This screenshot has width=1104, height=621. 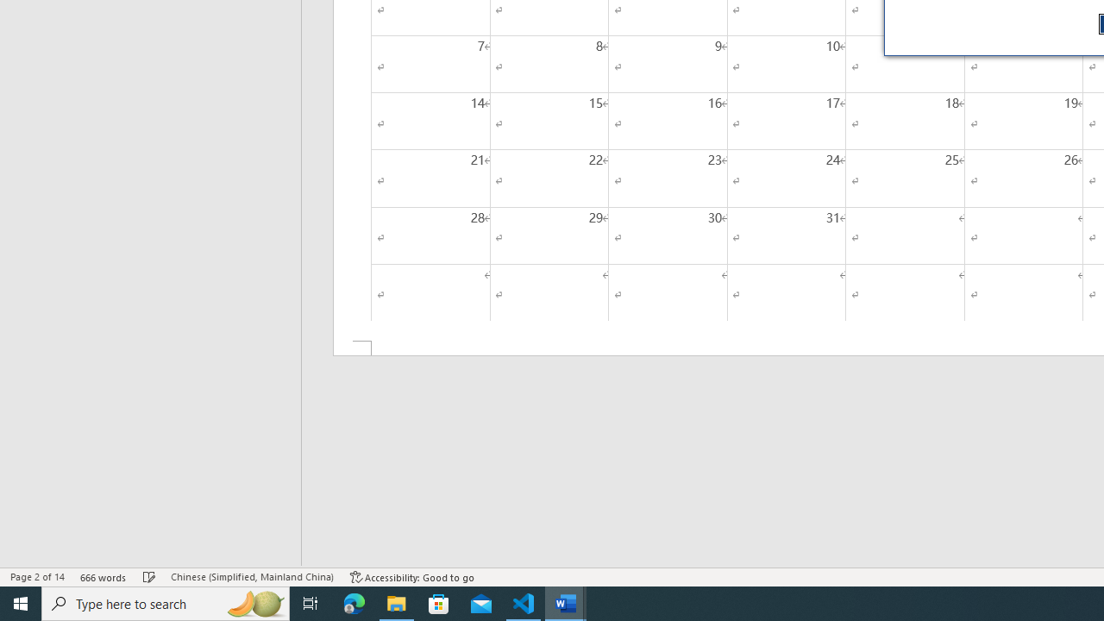 I want to click on 'Microsoft Store', so click(x=439, y=602).